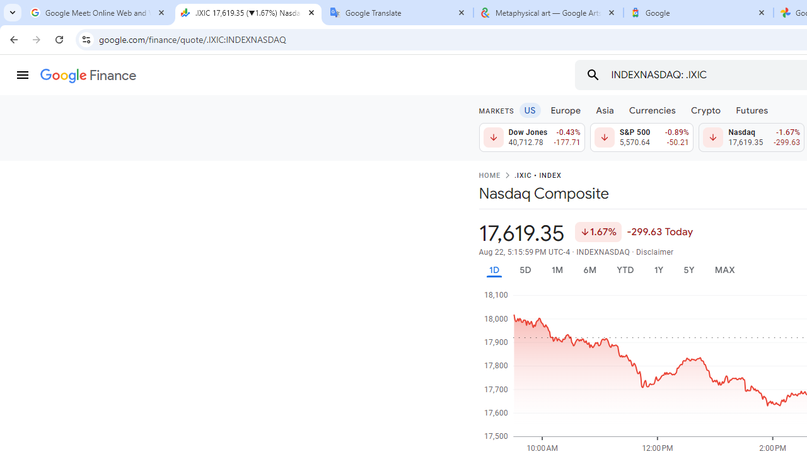 Image resolution: width=807 pixels, height=454 pixels. I want to click on 'Nasdaq 17,619.35 Down by 1.67% -299.63', so click(752, 137).